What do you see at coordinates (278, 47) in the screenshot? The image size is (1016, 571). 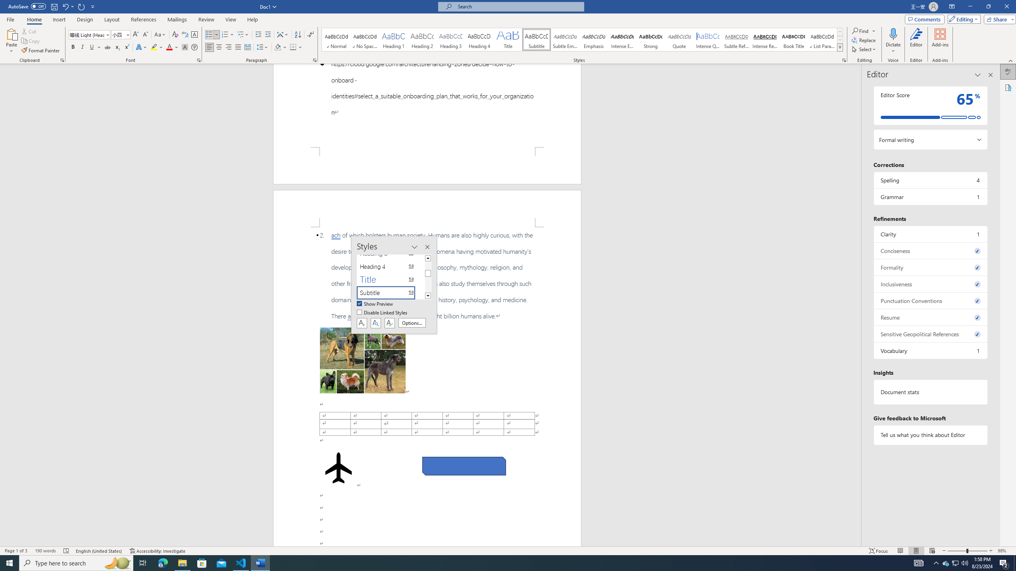 I see `'Shading RGB(0, 0, 0)'` at bounding box center [278, 47].